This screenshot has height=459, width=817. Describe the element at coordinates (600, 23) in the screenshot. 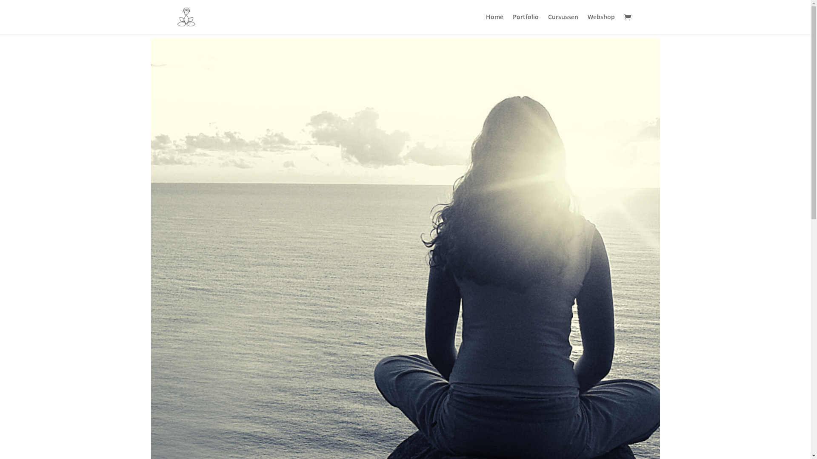

I see `'Webshop'` at that location.